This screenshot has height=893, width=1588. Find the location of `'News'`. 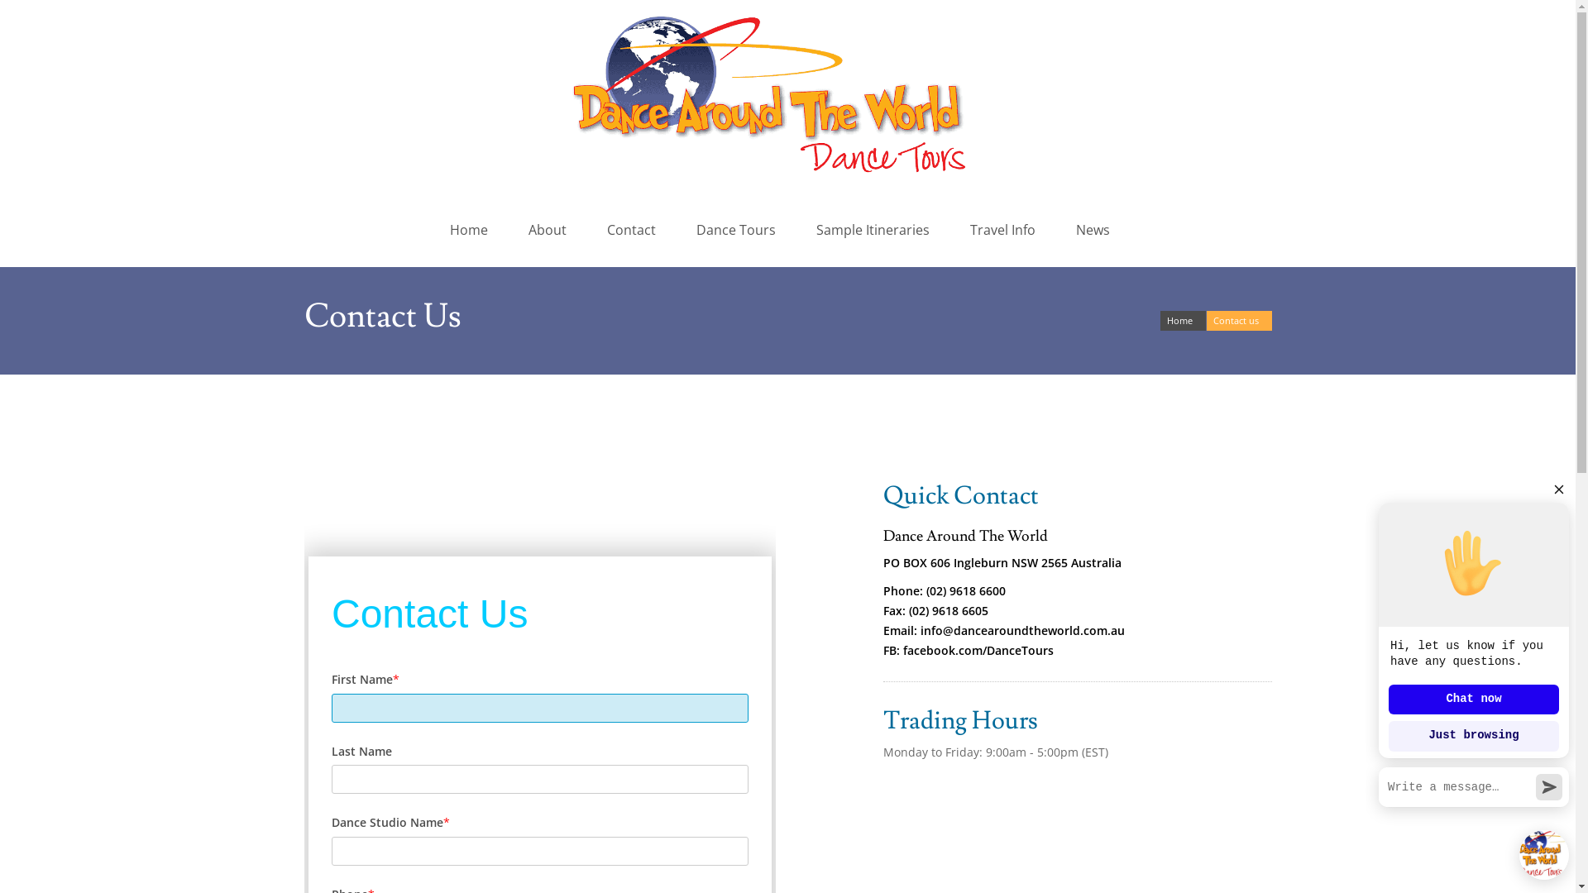

'News' is located at coordinates (1095, 229).